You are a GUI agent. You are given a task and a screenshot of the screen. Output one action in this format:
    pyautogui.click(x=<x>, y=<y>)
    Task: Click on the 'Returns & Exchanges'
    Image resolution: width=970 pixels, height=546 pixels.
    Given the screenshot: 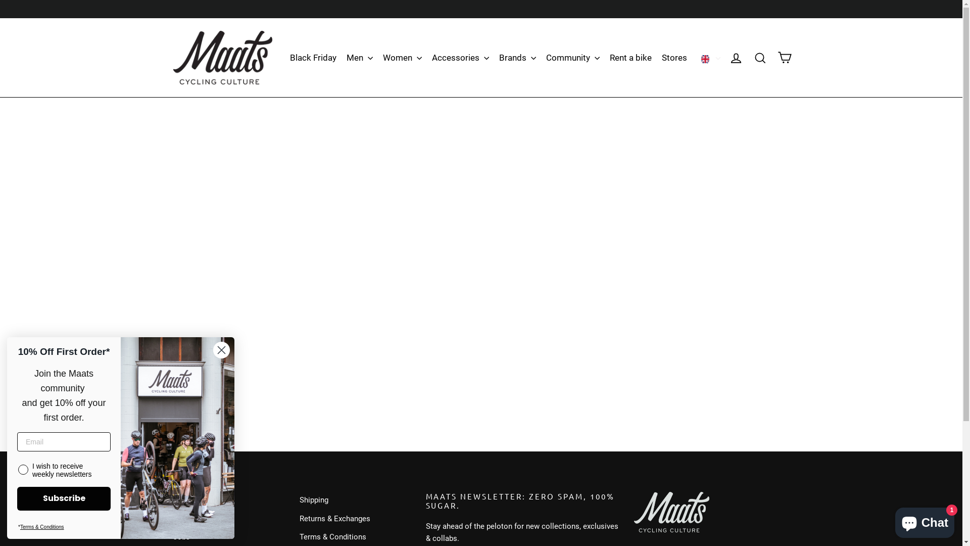 What is the action you would take?
    pyautogui.click(x=354, y=519)
    